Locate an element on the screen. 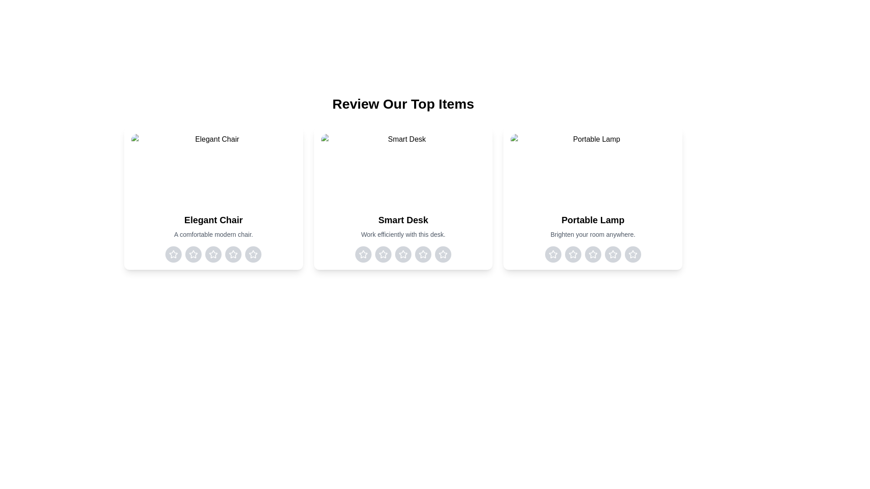 Image resolution: width=870 pixels, height=489 pixels. the rating for the item 'Portable Lamp' to 4 stars is located at coordinates (613, 254).